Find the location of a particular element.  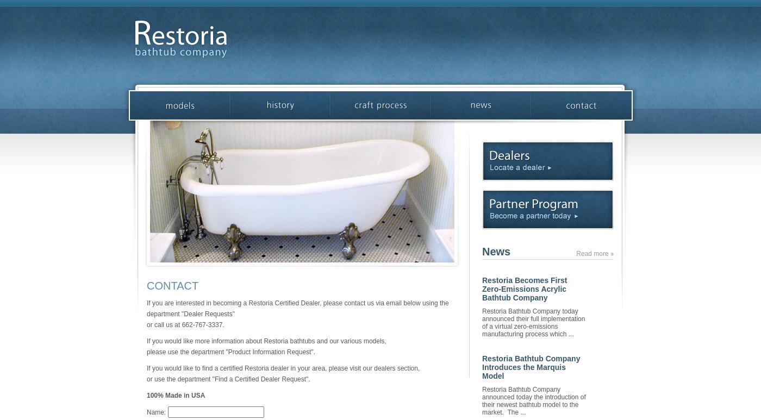

'Restoria Becomes First Zero-Emissions Acrylic Bathtub Company' is located at coordinates (525, 288).